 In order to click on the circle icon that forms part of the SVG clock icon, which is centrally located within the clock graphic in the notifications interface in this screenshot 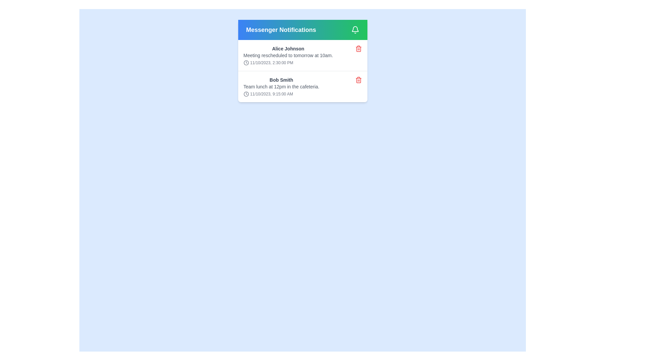, I will do `click(246, 63)`.